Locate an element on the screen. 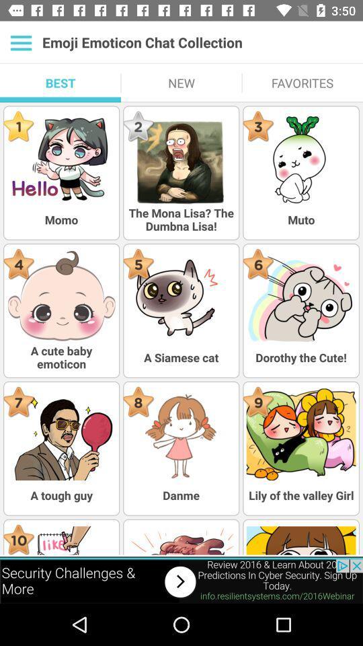  visit advertised website is located at coordinates (182, 581).